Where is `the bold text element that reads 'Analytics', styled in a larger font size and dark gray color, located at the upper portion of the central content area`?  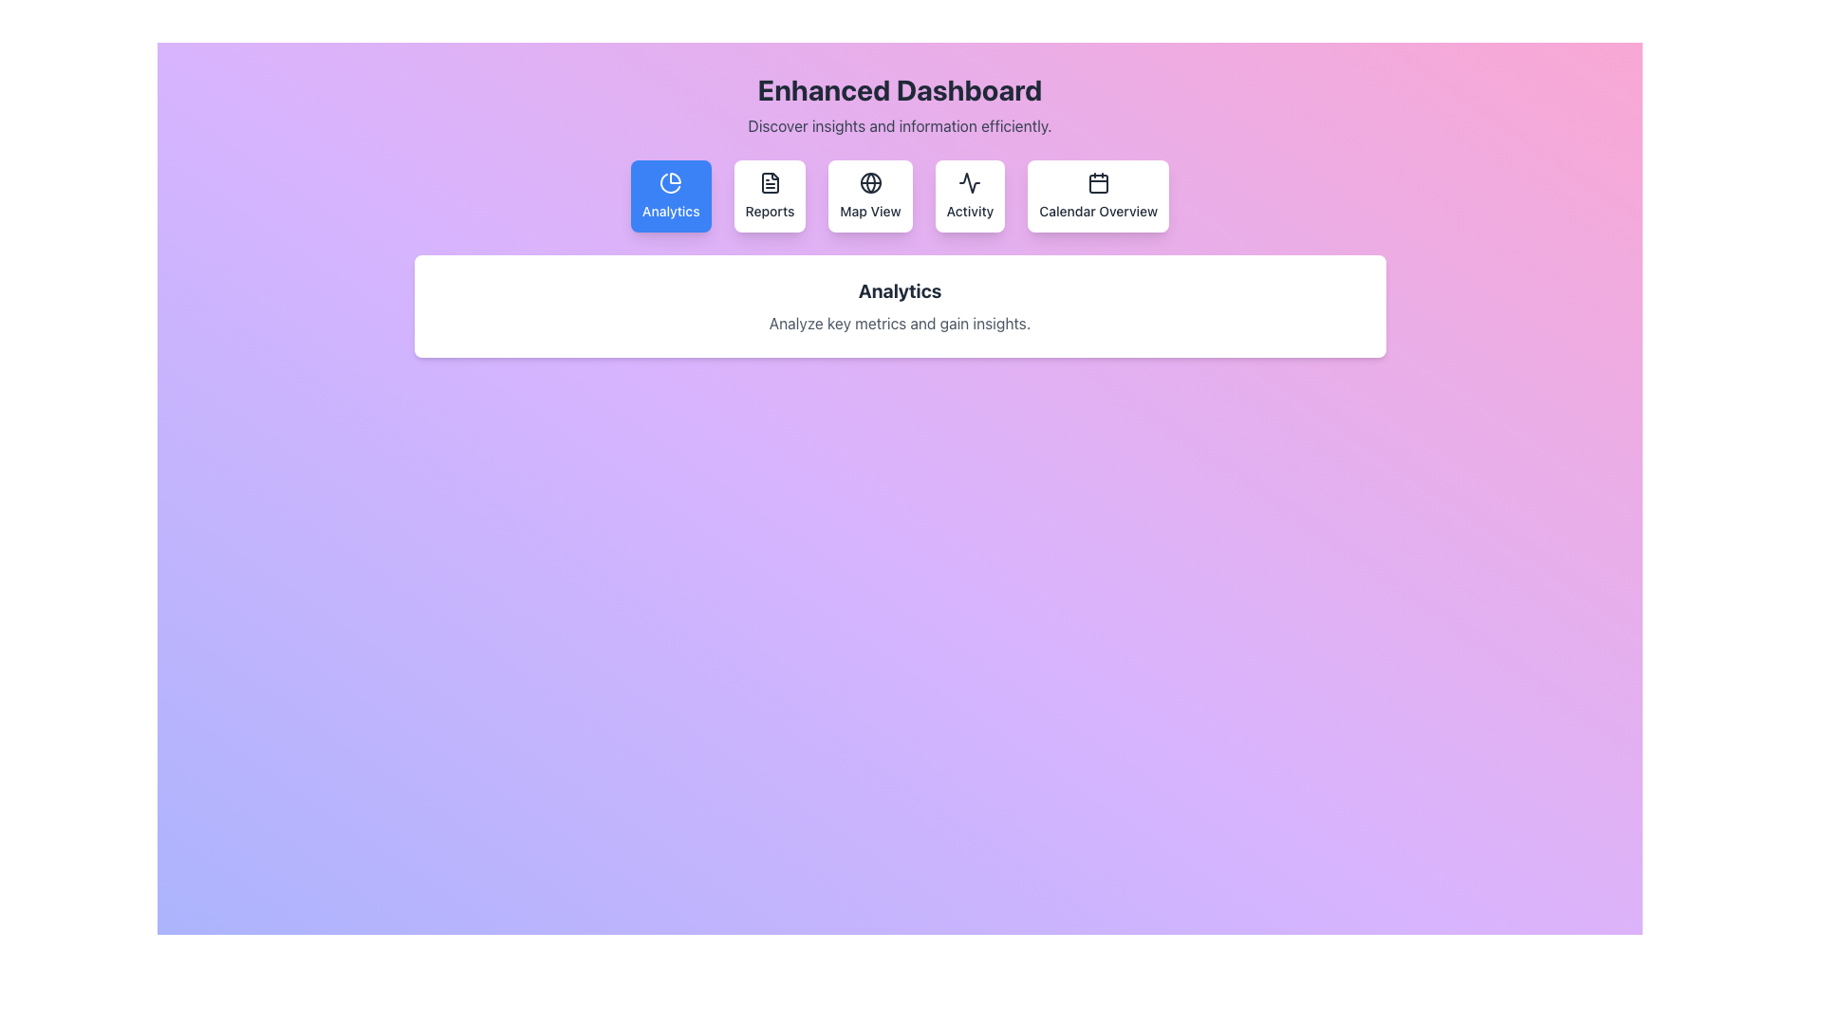 the bold text element that reads 'Analytics', styled in a larger font size and dark gray color, located at the upper portion of the central content area is located at coordinates (899, 291).